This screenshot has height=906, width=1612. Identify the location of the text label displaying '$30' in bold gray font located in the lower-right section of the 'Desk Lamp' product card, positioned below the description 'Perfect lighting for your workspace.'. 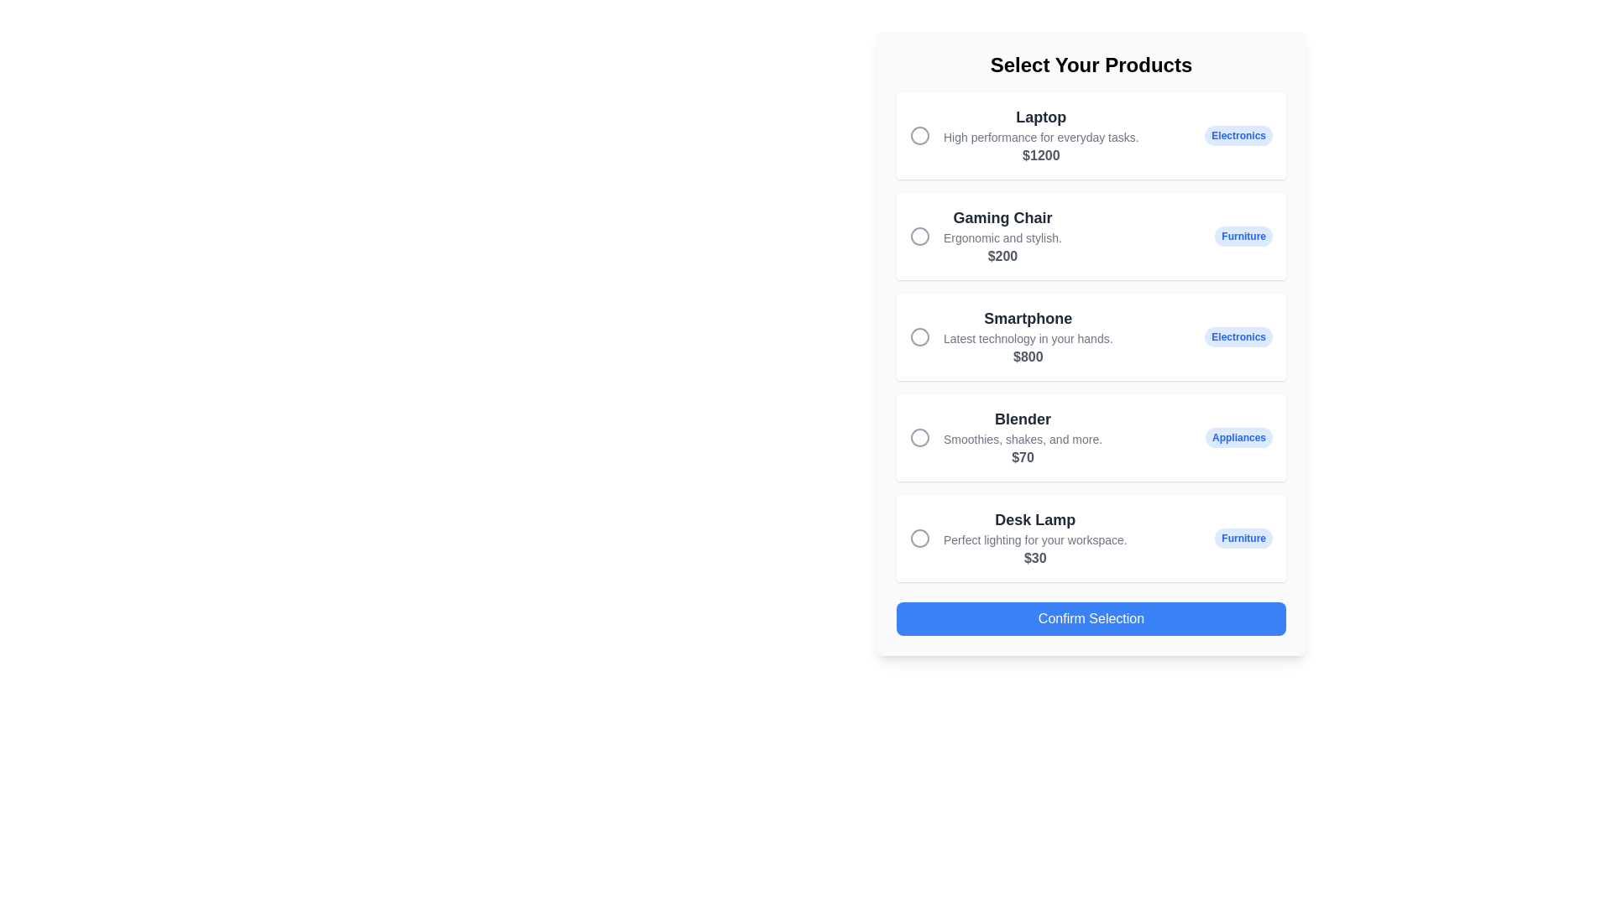
(1034, 558).